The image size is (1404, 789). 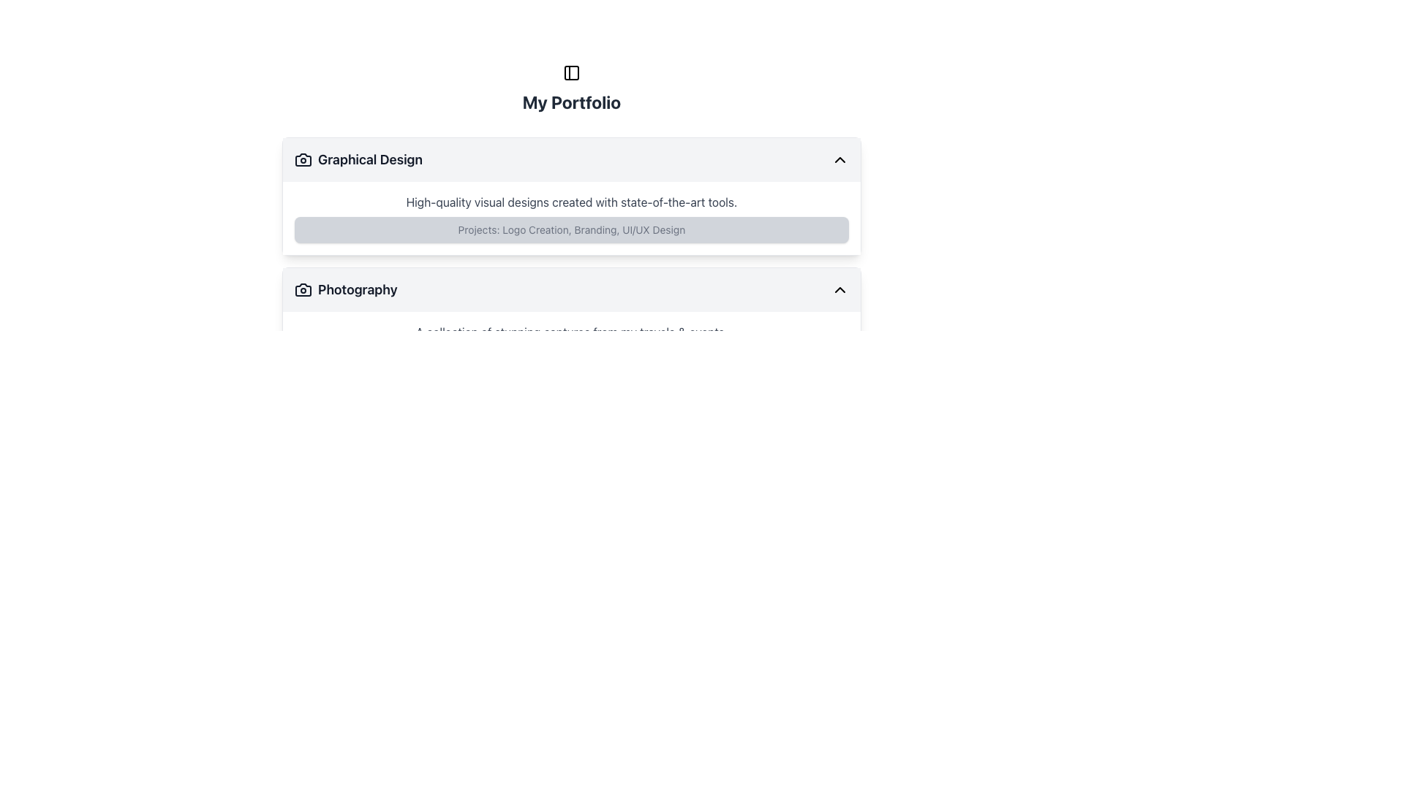 I want to click on the first SVG graphic icon representing the photography section, positioned to the left of the 'Photography' text, so click(x=302, y=290).